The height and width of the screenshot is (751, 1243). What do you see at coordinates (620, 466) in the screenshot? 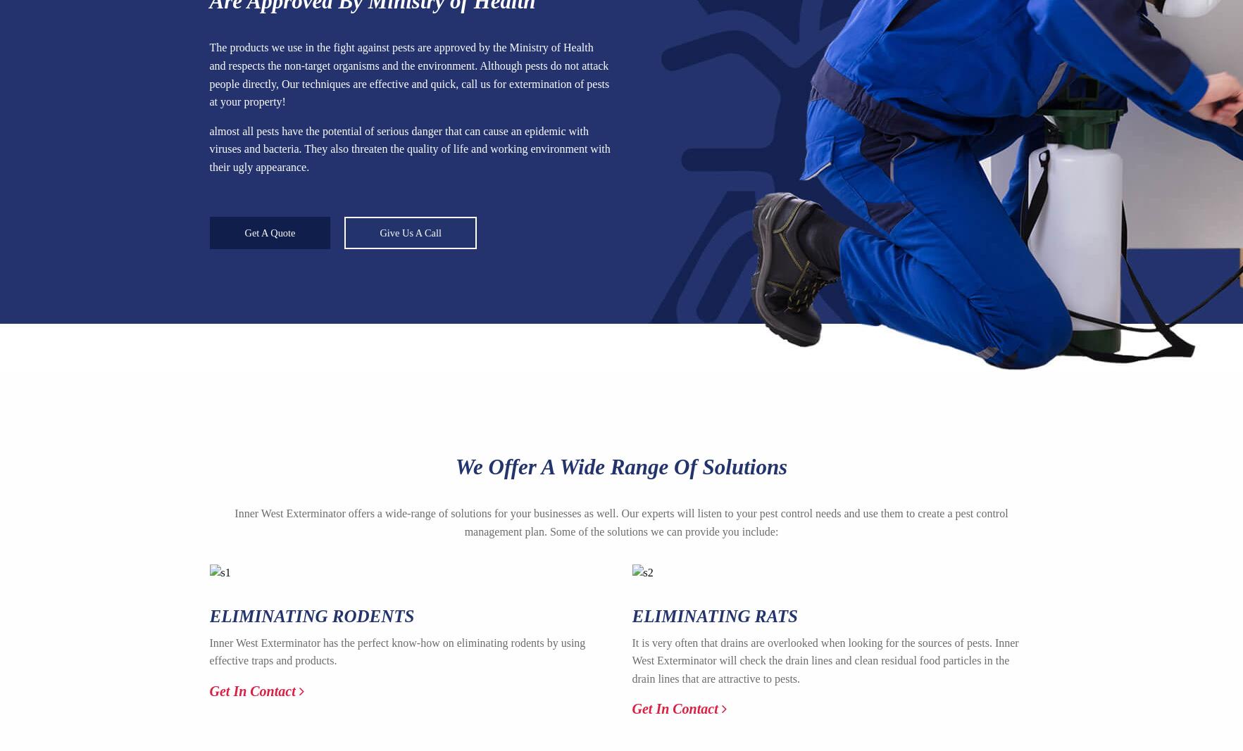
I see `'We Offer A Wide Range Of Solutions'` at bounding box center [620, 466].